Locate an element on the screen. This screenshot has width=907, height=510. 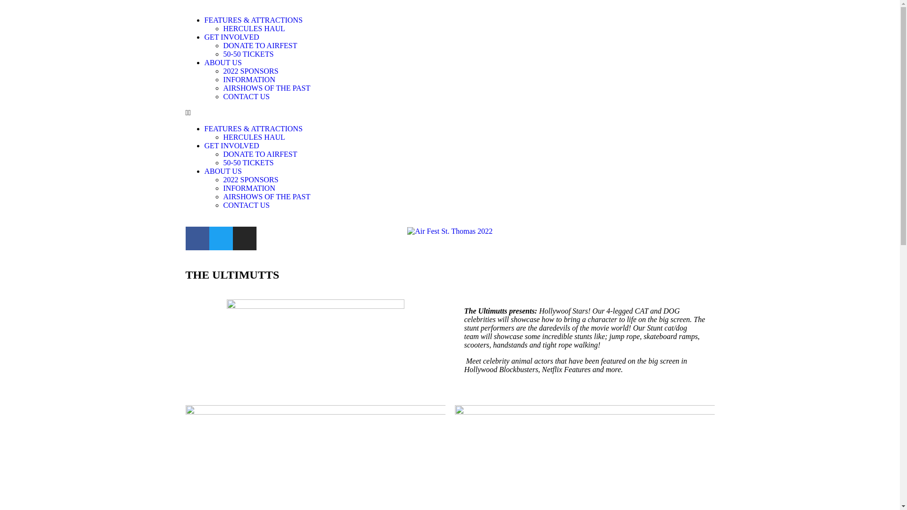
'CONTACT US' is located at coordinates (246, 96).